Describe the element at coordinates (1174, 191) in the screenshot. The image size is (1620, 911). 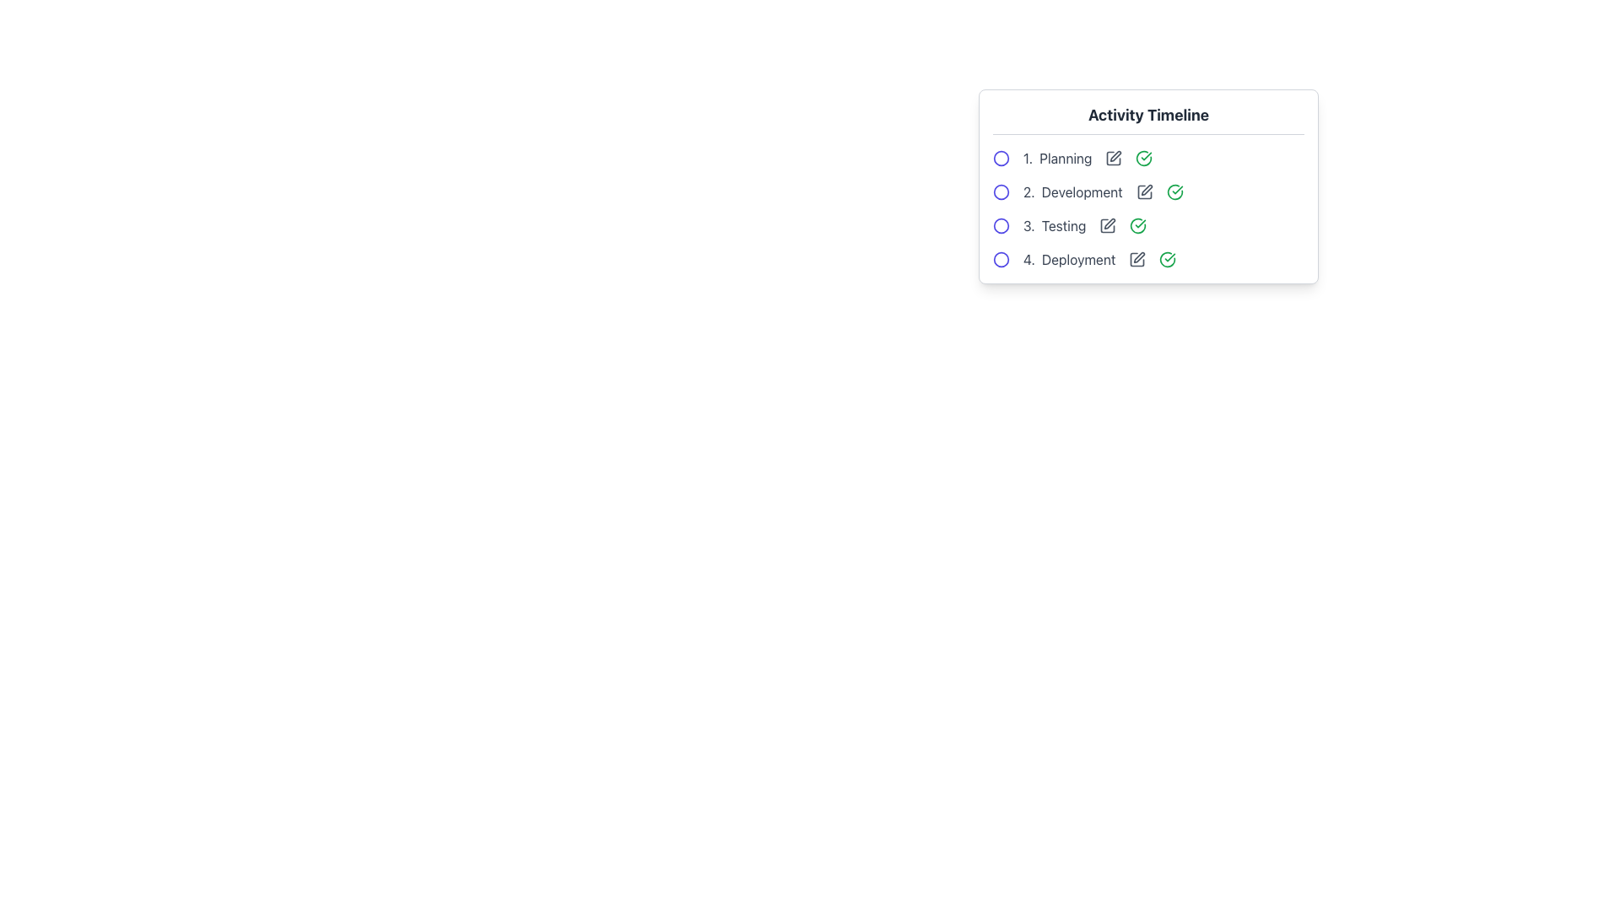
I see `the circular green check mark icon located to the right of the text '2. Development' in the 'Activity Timeline' list` at that location.